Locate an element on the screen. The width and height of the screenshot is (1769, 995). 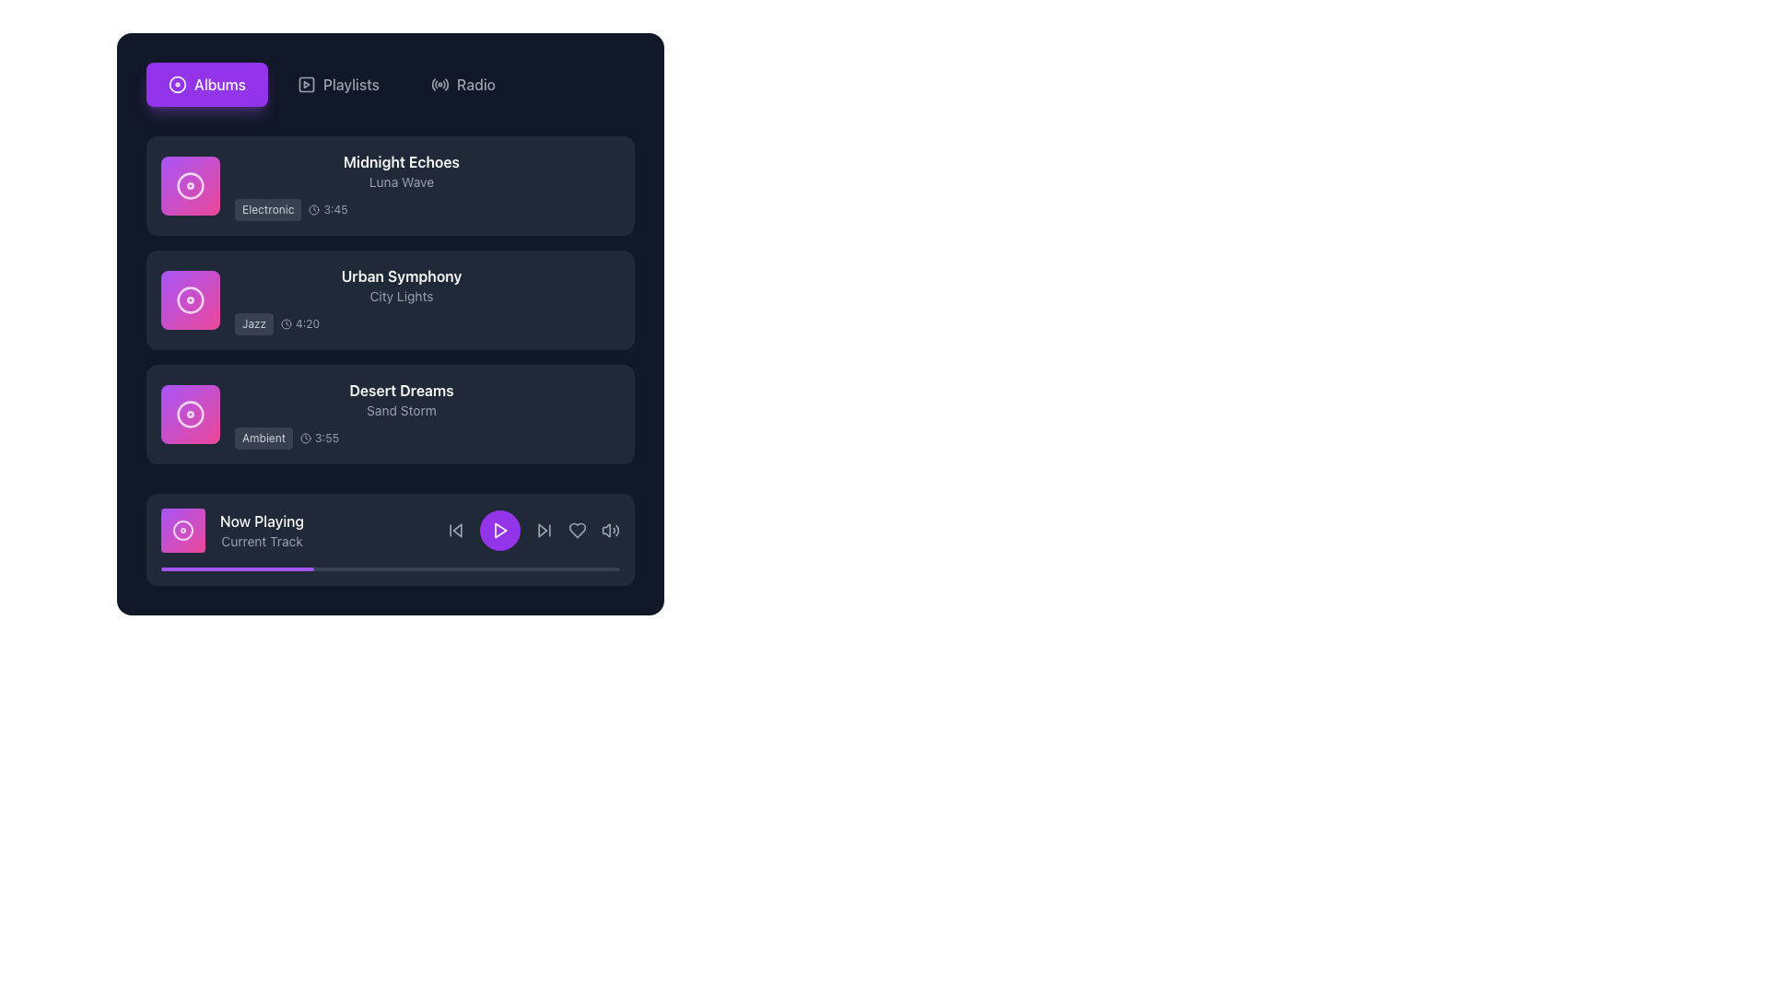
the circular graphical element that indicates timestamp or duration for 'Midnight Echoes', located to the left of the '3:45' text is located at coordinates (314, 208).